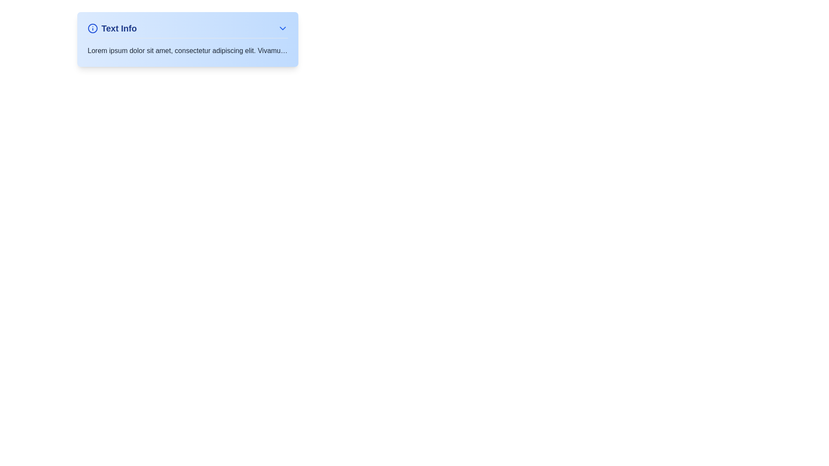  I want to click on the circular icon with a blue outline, which is the first element in the section header area preceding the text 'Text Info', so click(93, 28).